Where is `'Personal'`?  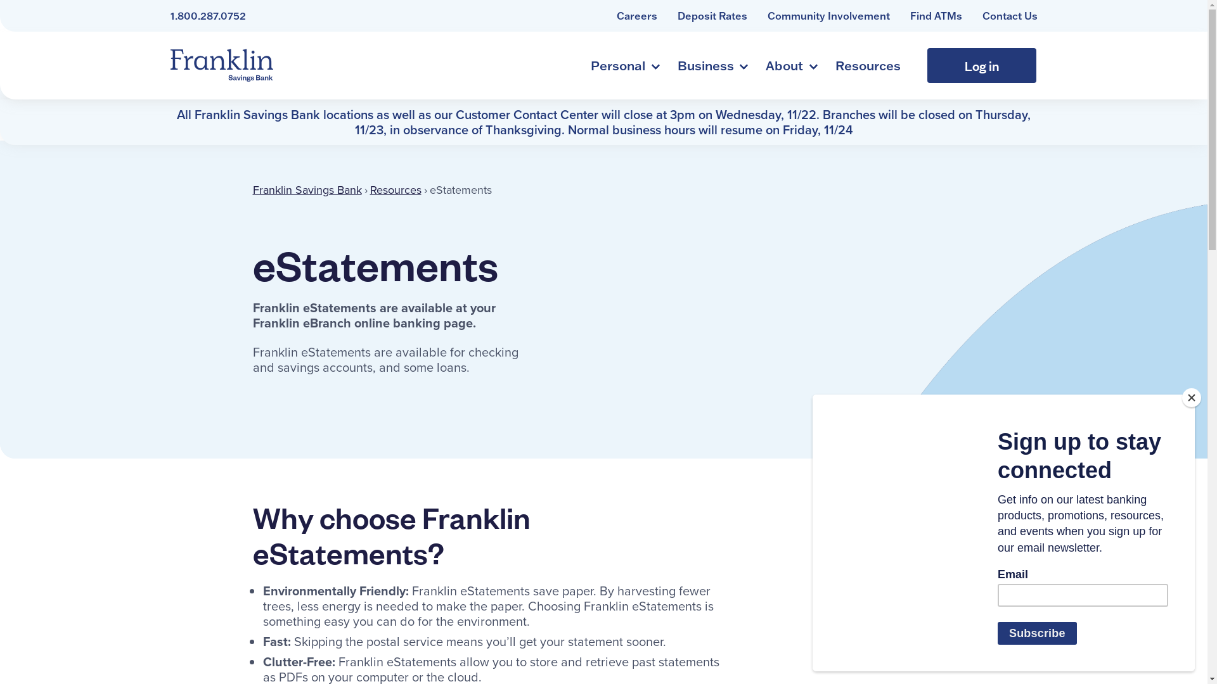 'Personal' is located at coordinates (580, 65).